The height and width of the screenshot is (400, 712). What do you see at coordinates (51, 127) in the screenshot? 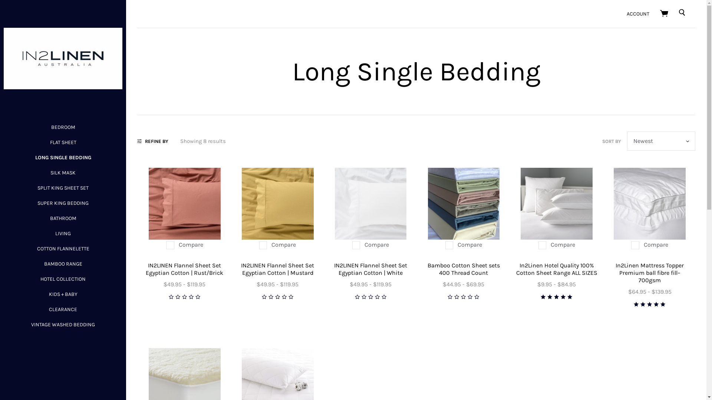
I see `'BEDROOM'` at bounding box center [51, 127].